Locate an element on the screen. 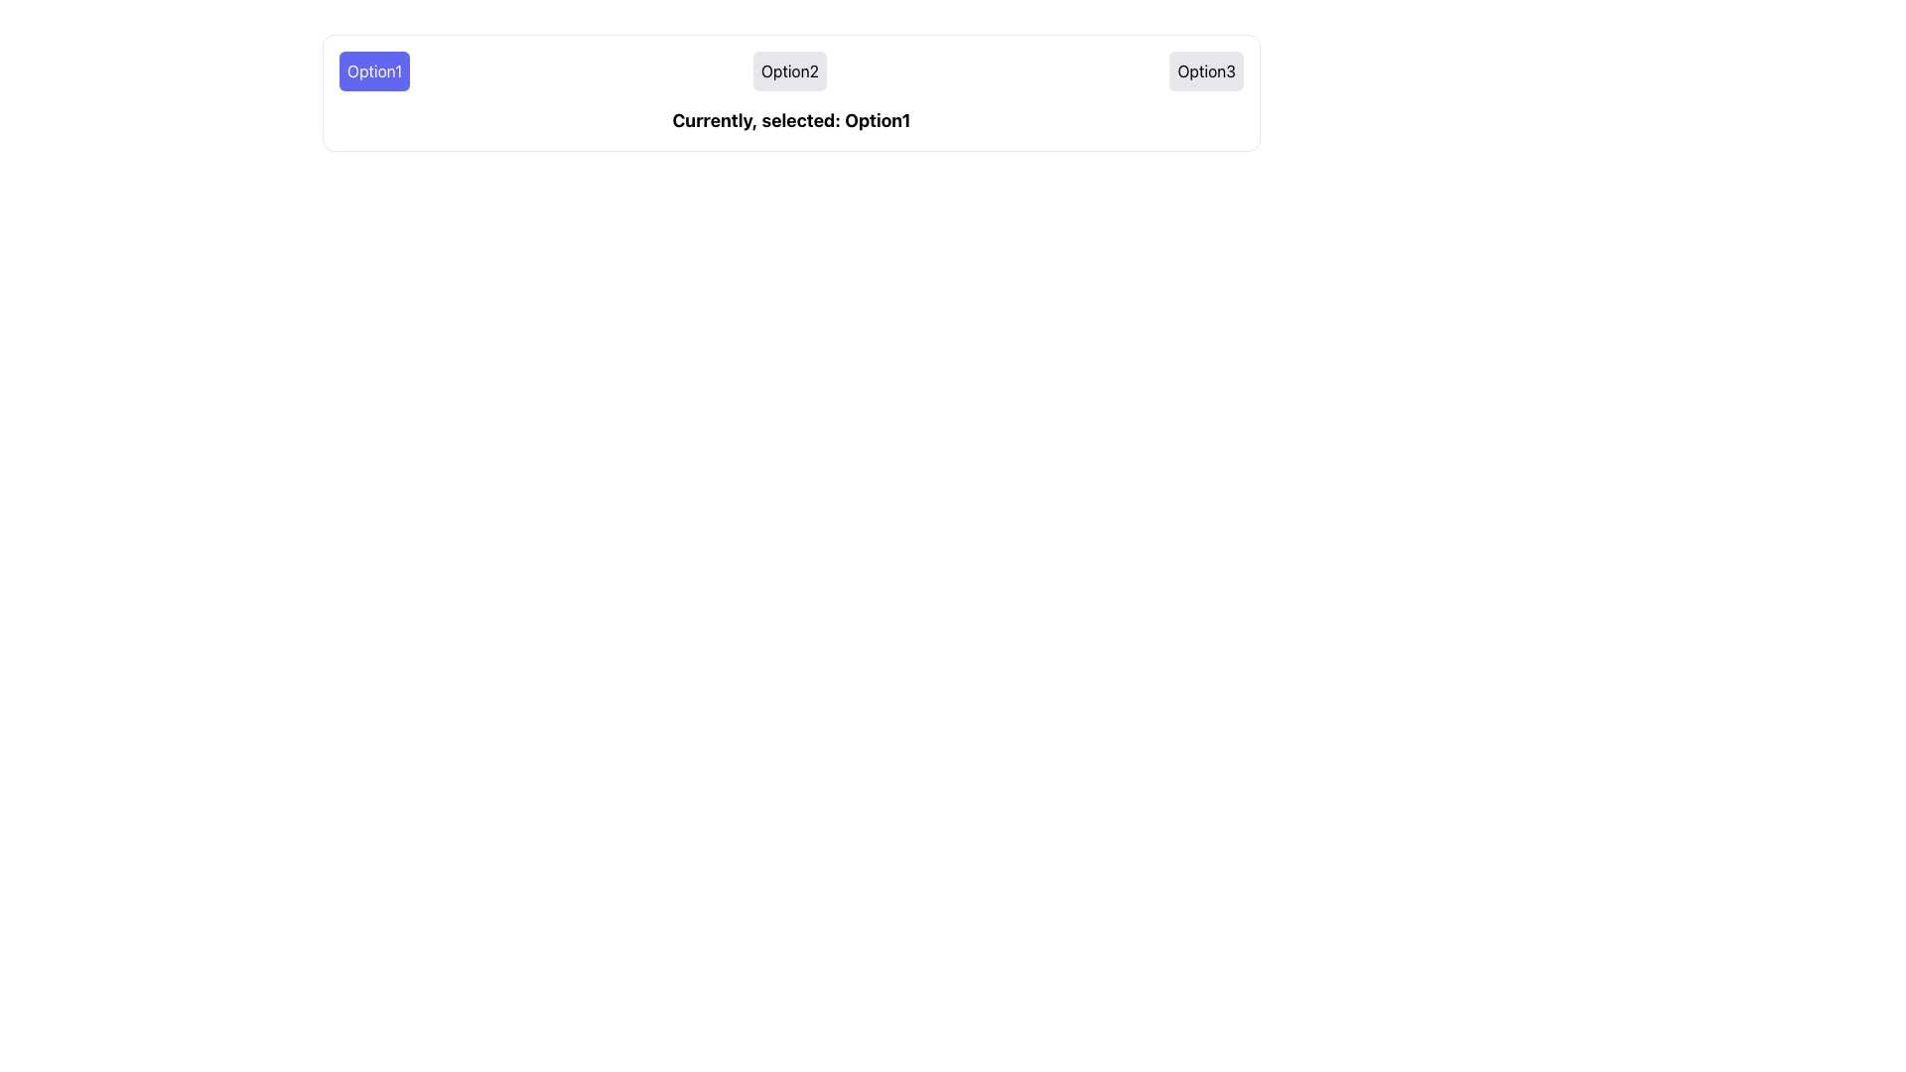 This screenshot has width=1906, height=1072. the options in the Selector with status display is located at coordinates (790, 92).